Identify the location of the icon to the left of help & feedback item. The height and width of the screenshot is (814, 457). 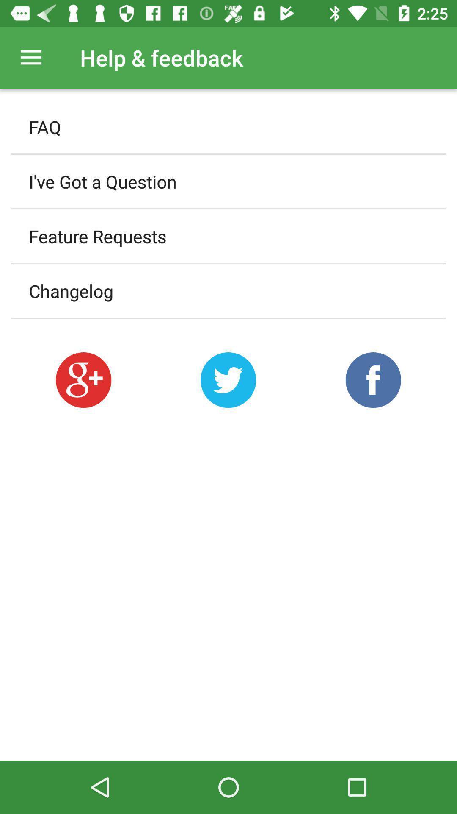
(30, 57).